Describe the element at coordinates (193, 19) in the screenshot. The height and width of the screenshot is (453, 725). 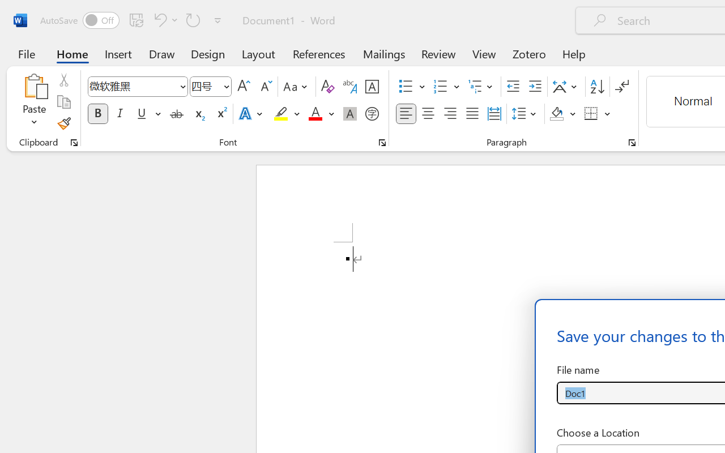
I see `'Repeat Style'` at that location.